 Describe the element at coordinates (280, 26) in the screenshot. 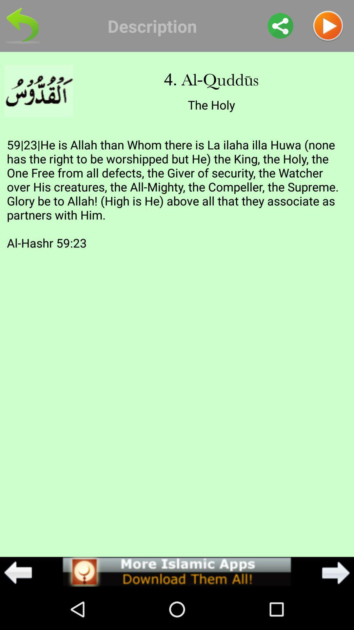

I see `icon above 59 23 he icon` at that location.